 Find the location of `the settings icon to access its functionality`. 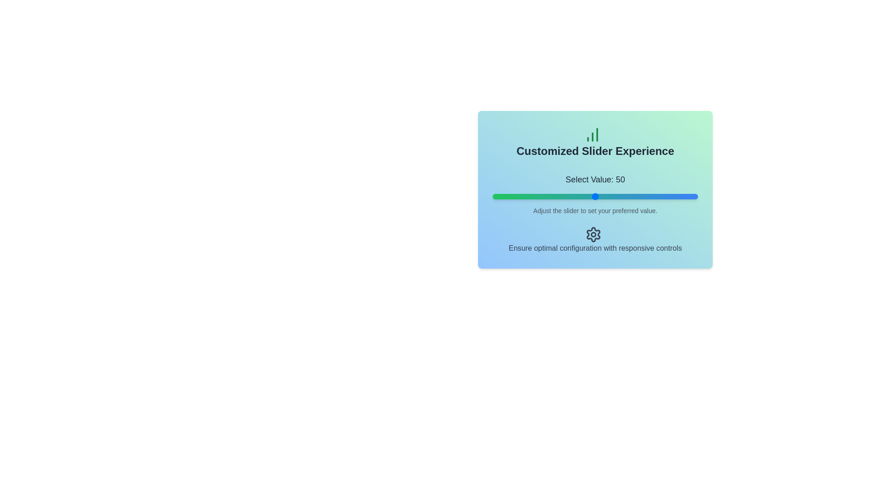

the settings icon to access its functionality is located at coordinates (594, 234).